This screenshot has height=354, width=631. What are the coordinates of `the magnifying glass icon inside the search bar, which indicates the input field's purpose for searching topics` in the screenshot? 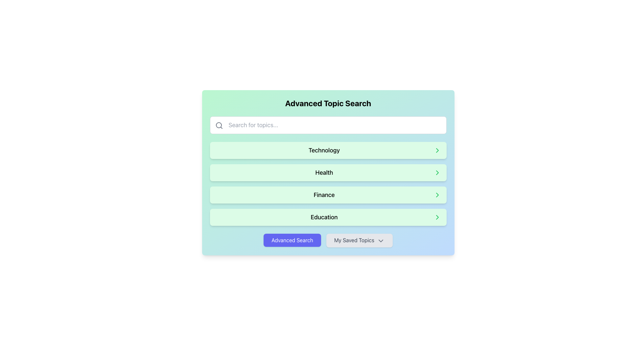 It's located at (219, 125).